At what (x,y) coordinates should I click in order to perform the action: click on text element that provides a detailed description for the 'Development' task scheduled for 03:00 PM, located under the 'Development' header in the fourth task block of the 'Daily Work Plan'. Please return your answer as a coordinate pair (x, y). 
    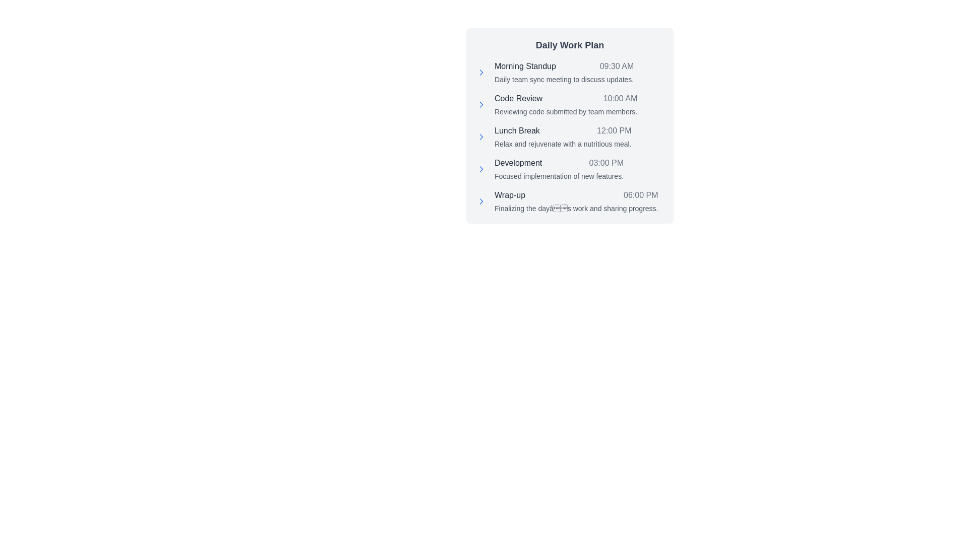
    Looking at the image, I should click on (558, 176).